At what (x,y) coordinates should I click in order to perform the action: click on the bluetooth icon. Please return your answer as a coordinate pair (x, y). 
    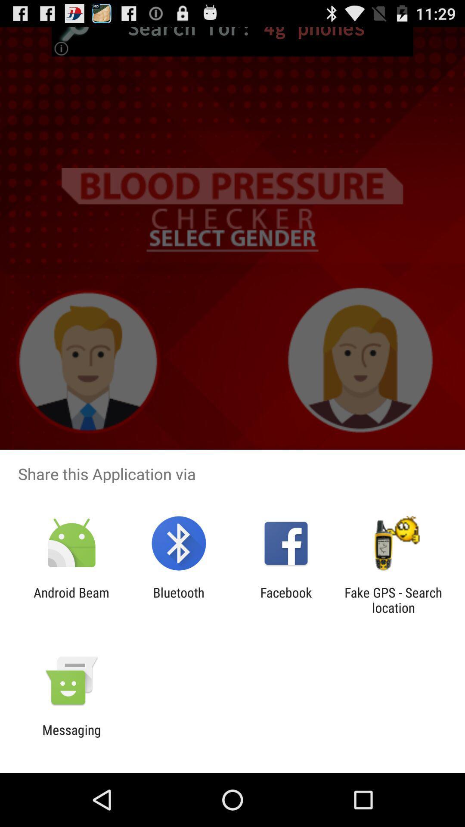
    Looking at the image, I should click on (178, 600).